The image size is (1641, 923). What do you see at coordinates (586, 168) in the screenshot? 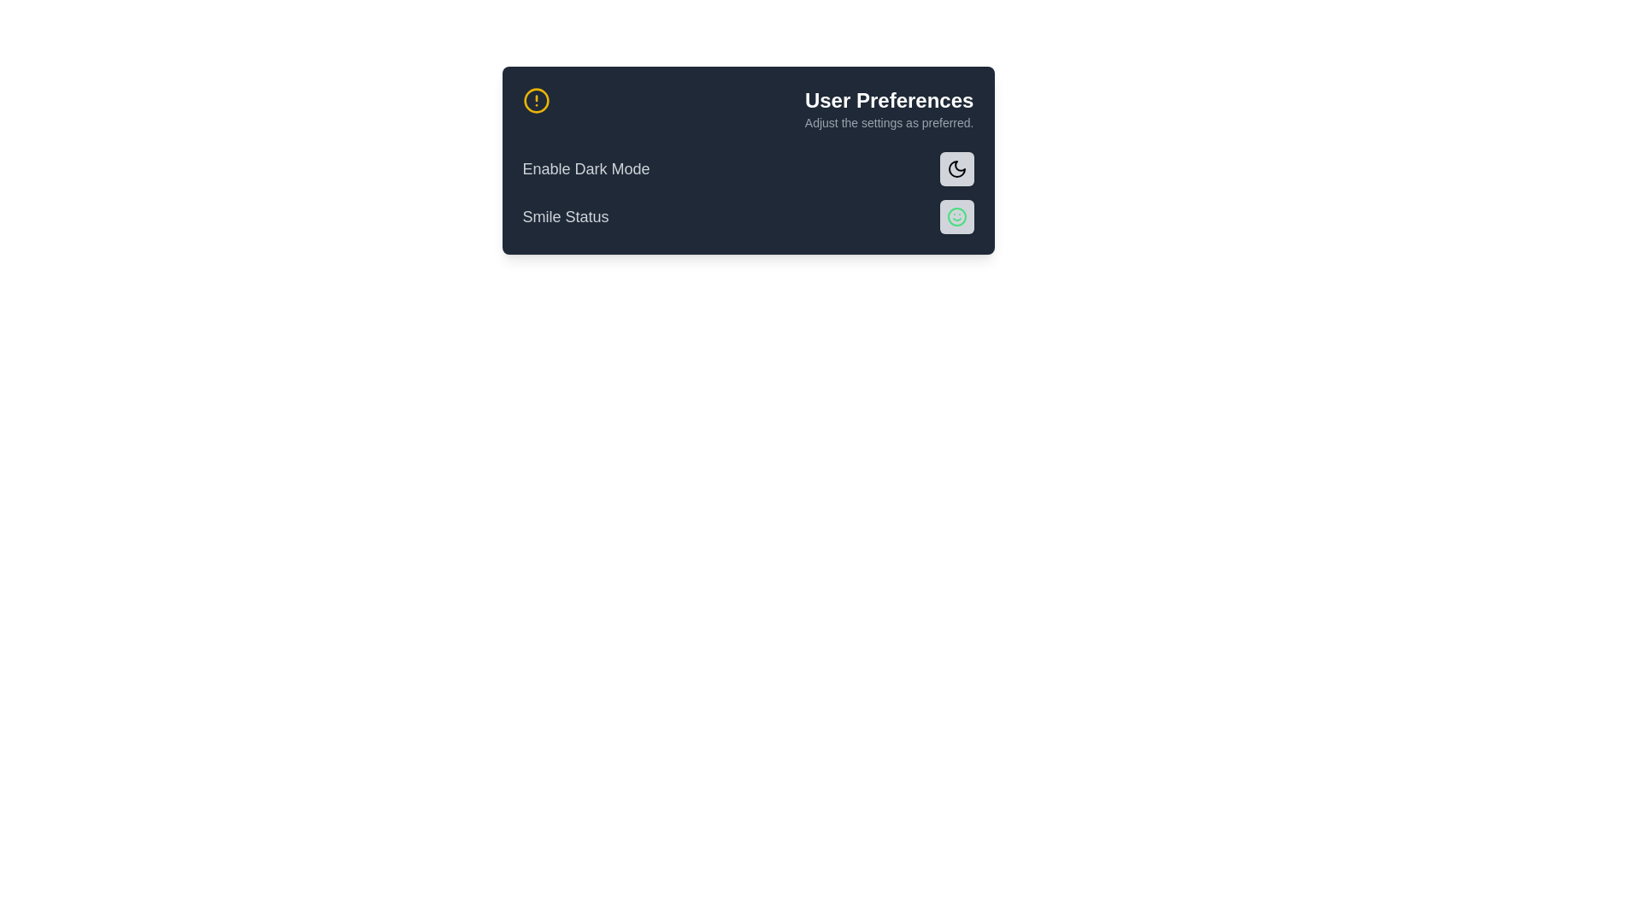
I see `text from the 'Enable Dark Mode' label, which is styled with a medium-sized font and gray color, located in the upper section of a preference card` at bounding box center [586, 168].